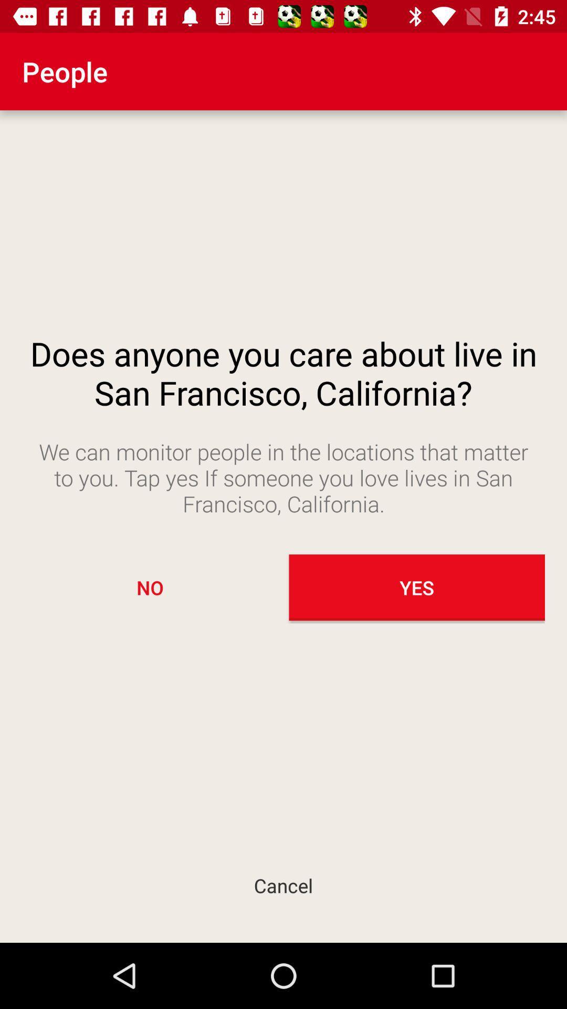 The height and width of the screenshot is (1009, 567). Describe the element at coordinates (283, 885) in the screenshot. I see `the icon below the no` at that location.